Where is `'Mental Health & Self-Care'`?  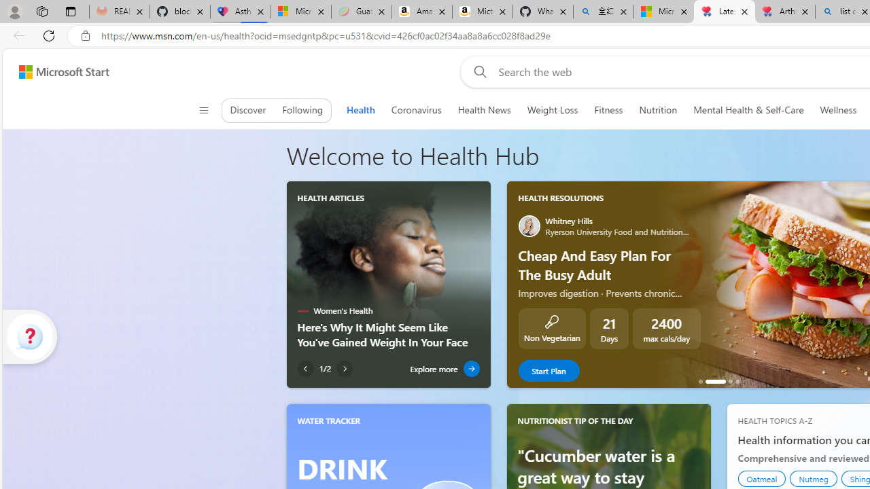 'Mental Health & Self-Care' is located at coordinates (748, 109).